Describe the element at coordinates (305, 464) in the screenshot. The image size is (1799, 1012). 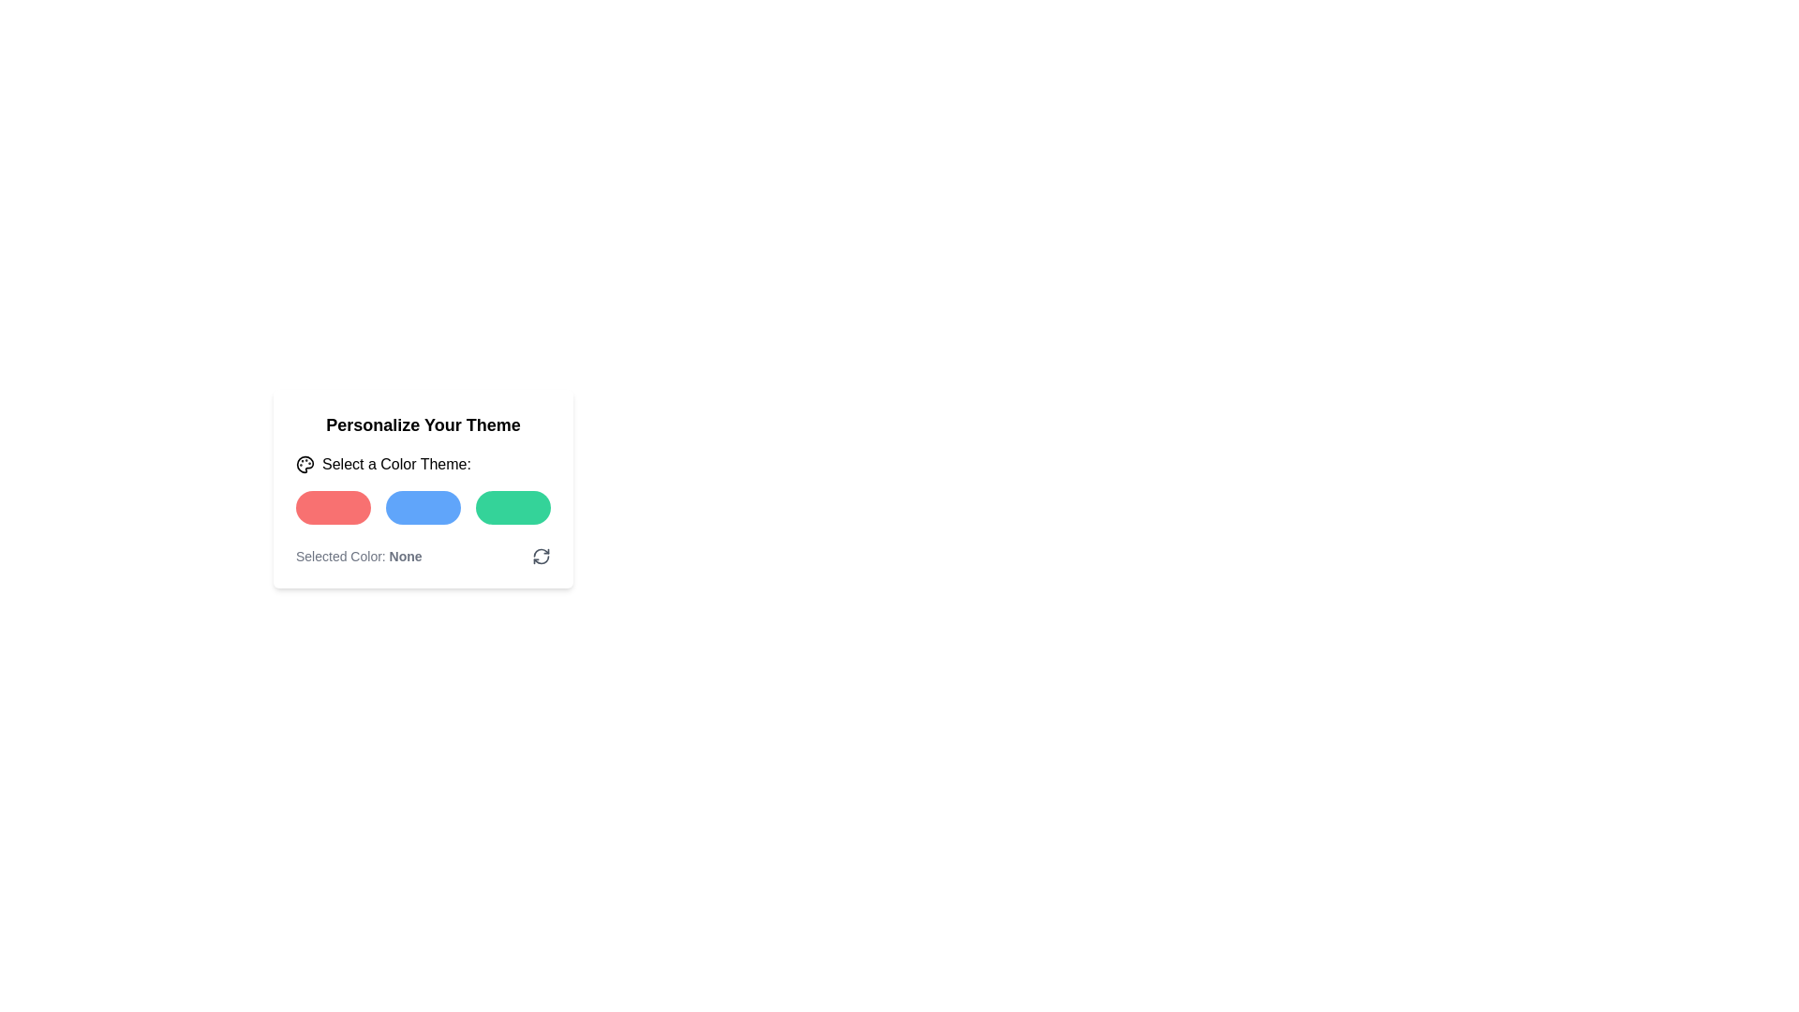
I see `the decorative icon located in the top-left corner of the card associated with 'Personalize Your Theme'` at that location.